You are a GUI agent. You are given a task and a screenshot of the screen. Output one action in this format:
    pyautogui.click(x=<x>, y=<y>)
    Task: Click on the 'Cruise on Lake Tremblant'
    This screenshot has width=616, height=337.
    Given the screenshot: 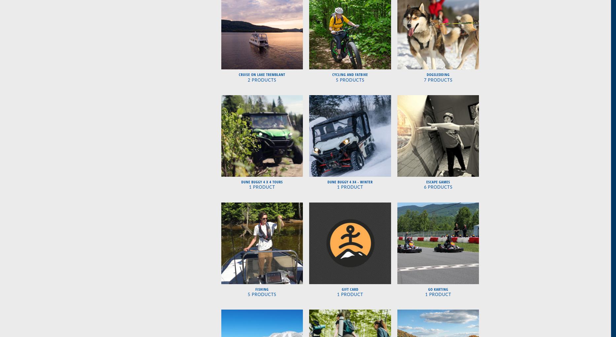 What is the action you would take?
    pyautogui.click(x=261, y=74)
    